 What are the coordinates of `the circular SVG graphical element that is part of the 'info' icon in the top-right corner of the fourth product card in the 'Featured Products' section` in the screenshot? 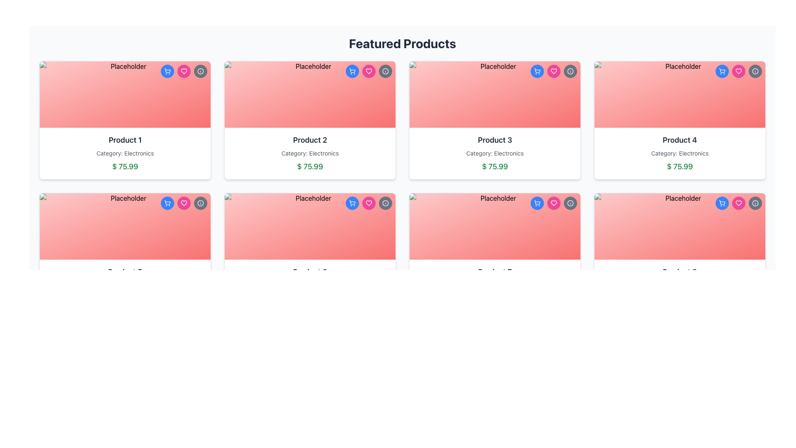 It's located at (755, 71).